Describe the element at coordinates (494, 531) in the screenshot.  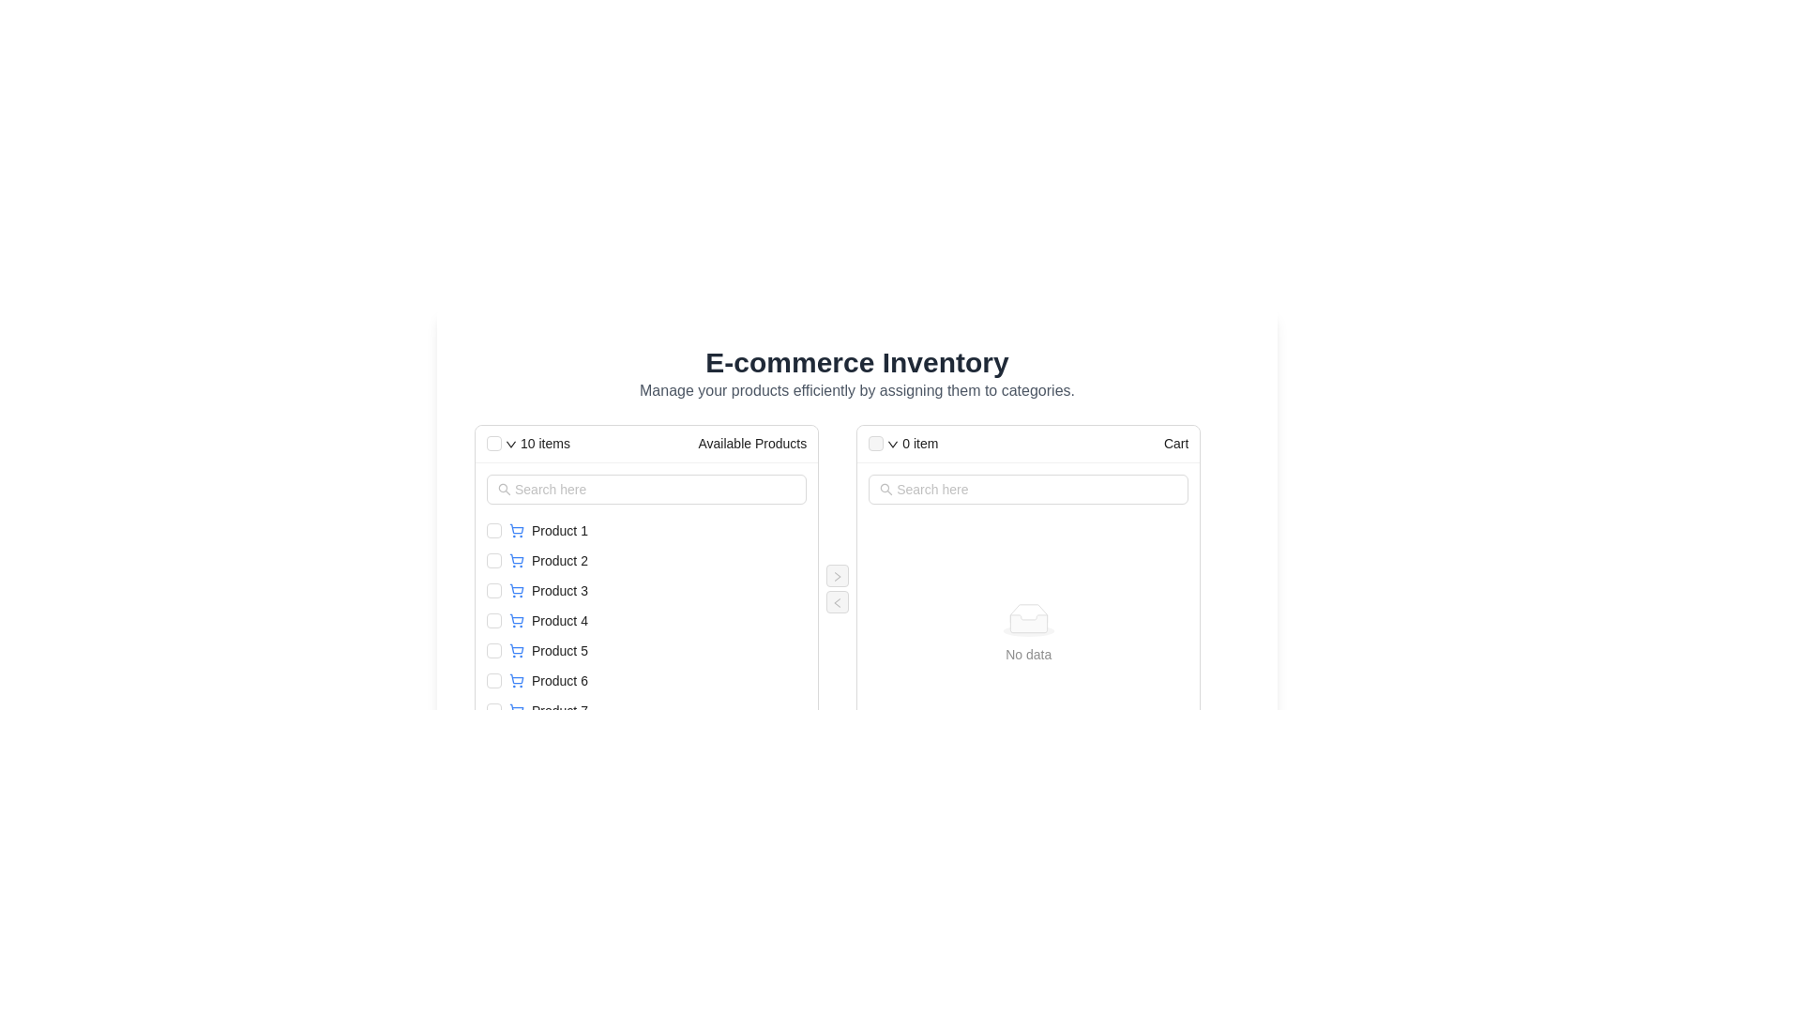
I see `the square checkbox with a light border located to the left of 'Product 1'` at that location.